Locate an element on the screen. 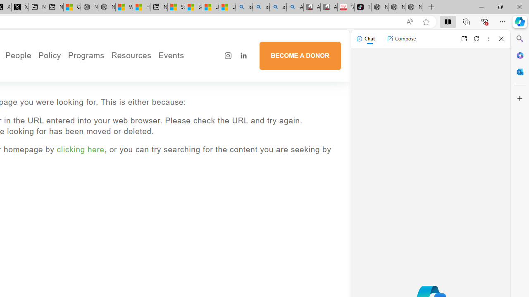  'Close' is located at coordinates (501, 38).